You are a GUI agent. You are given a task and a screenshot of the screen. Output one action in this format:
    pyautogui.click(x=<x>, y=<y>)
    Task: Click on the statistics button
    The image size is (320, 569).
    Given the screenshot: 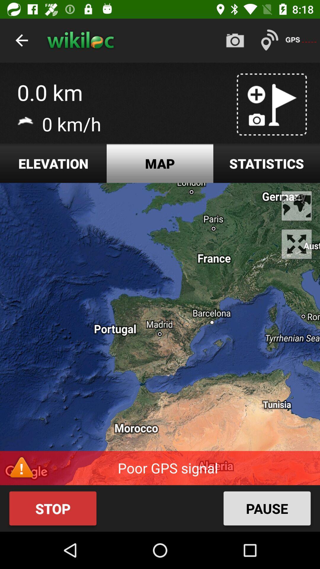 What is the action you would take?
    pyautogui.click(x=266, y=163)
    